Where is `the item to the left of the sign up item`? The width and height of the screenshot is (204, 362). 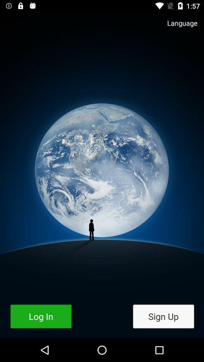
the item to the left of the sign up item is located at coordinates (41, 316).